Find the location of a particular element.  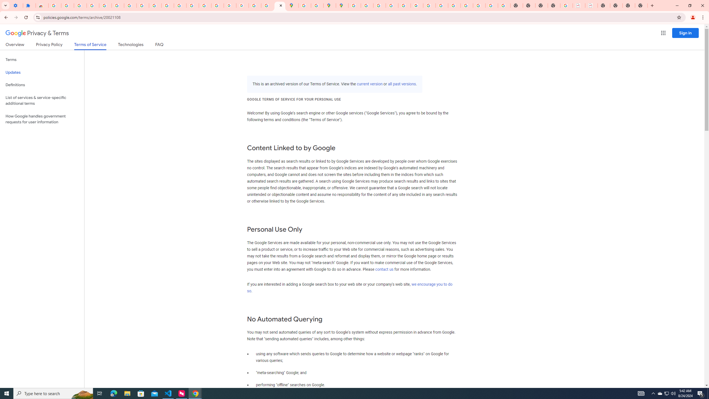

'Learn how to find your photos - Google Photos Help' is located at coordinates (93, 5).